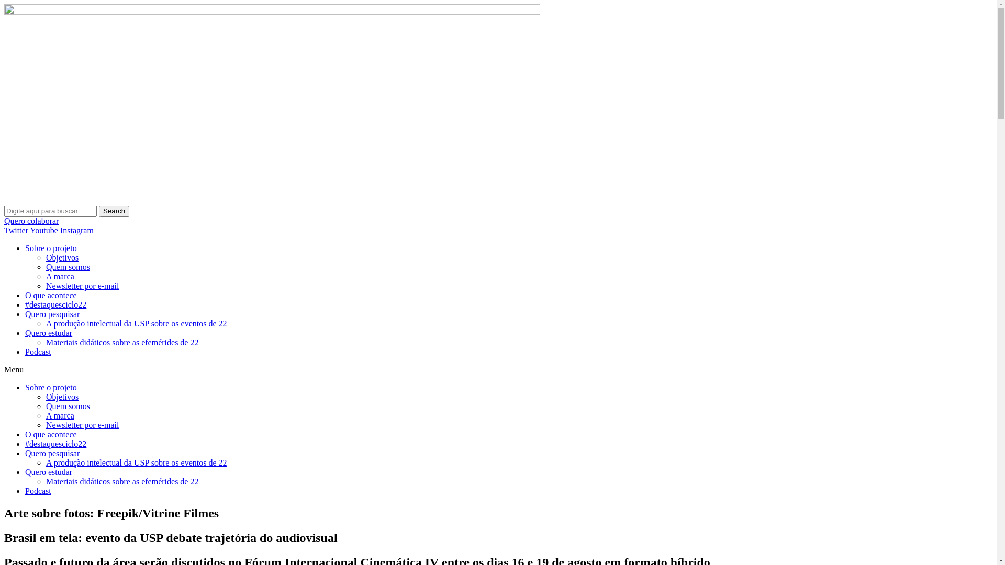  I want to click on 'Quero estudar', so click(25, 333).